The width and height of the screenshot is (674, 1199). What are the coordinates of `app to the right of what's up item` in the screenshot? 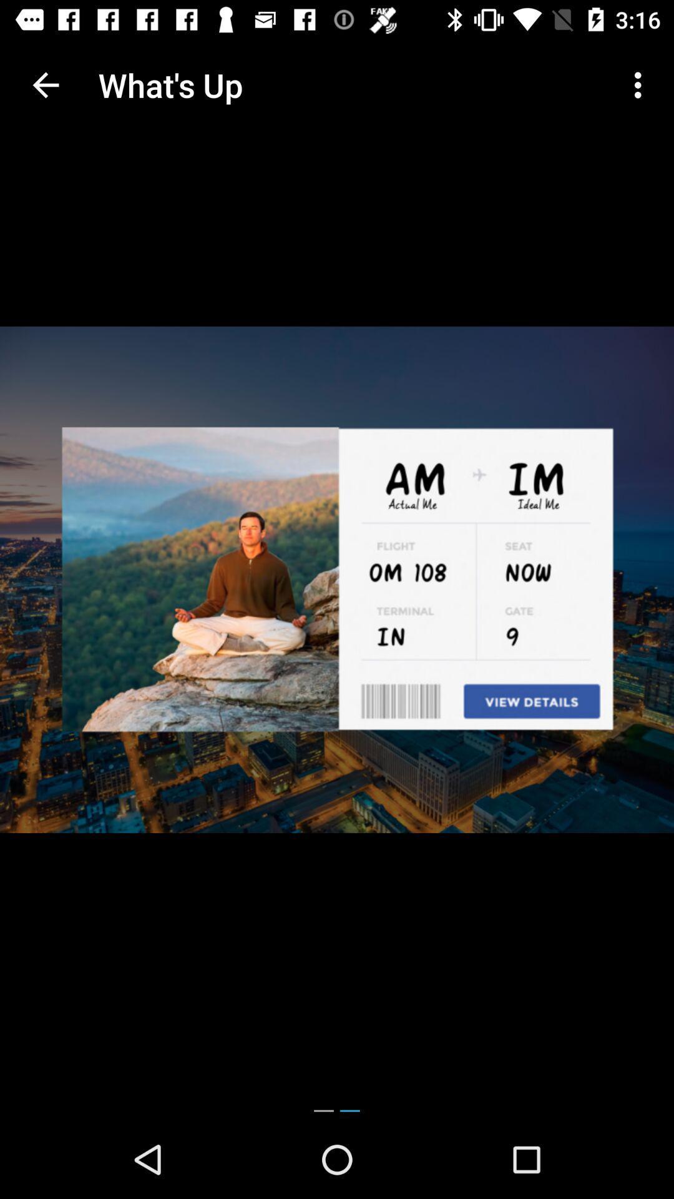 It's located at (641, 84).